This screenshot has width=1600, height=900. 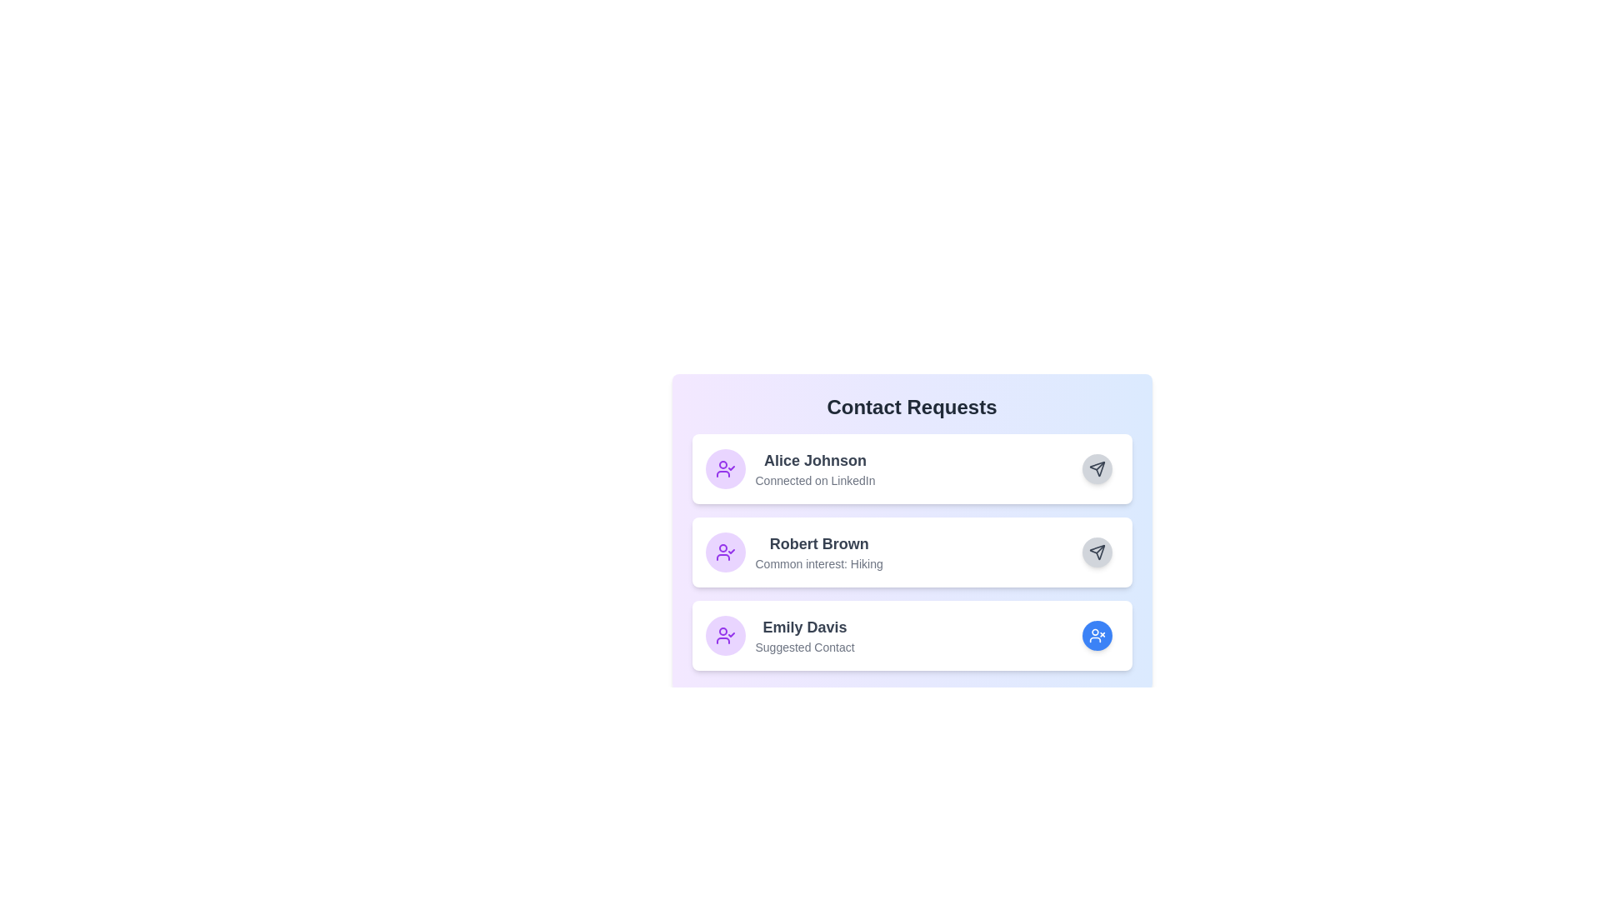 What do you see at coordinates (1097, 636) in the screenshot?
I see `the 'Revoke' button for 'Emily Davis'` at bounding box center [1097, 636].